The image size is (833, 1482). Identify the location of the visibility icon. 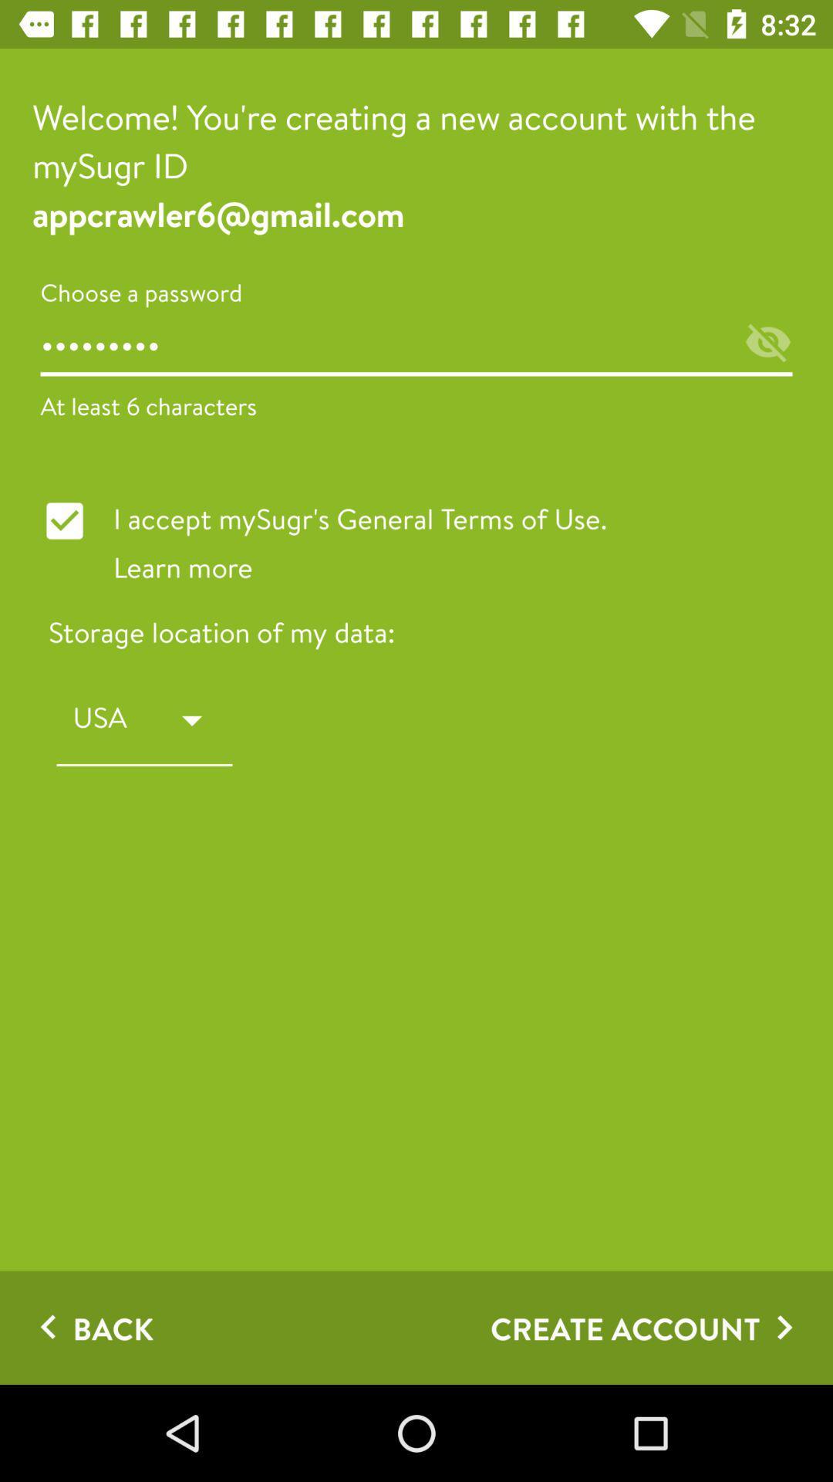
(767, 343).